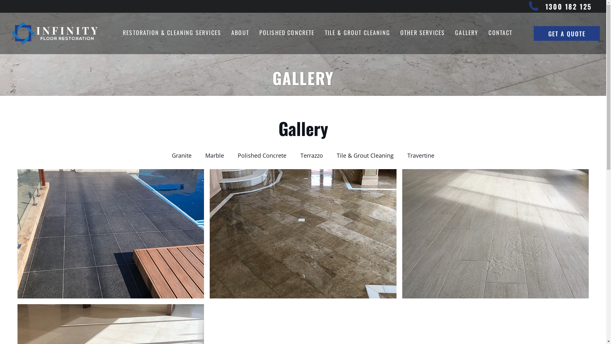  I want to click on 'Terrazzo', so click(293, 155).